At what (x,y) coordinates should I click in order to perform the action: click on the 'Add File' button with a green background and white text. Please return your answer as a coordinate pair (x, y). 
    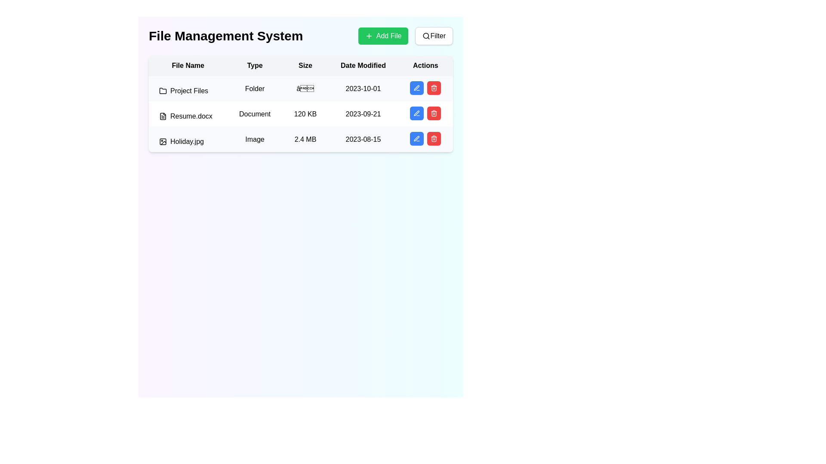
    Looking at the image, I should click on (405, 36).